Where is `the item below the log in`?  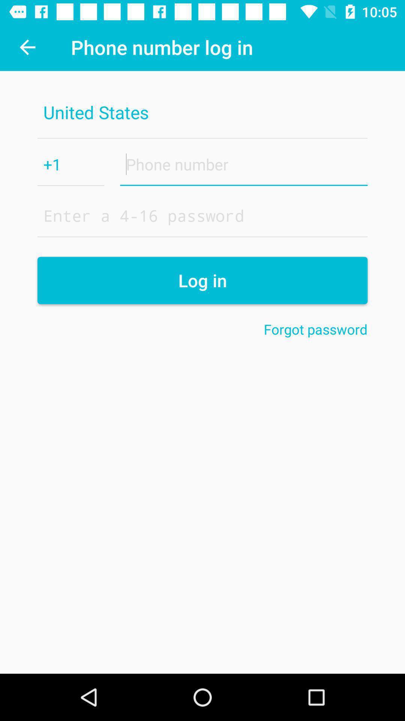
the item below the log in is located at coordinates (315, 329).